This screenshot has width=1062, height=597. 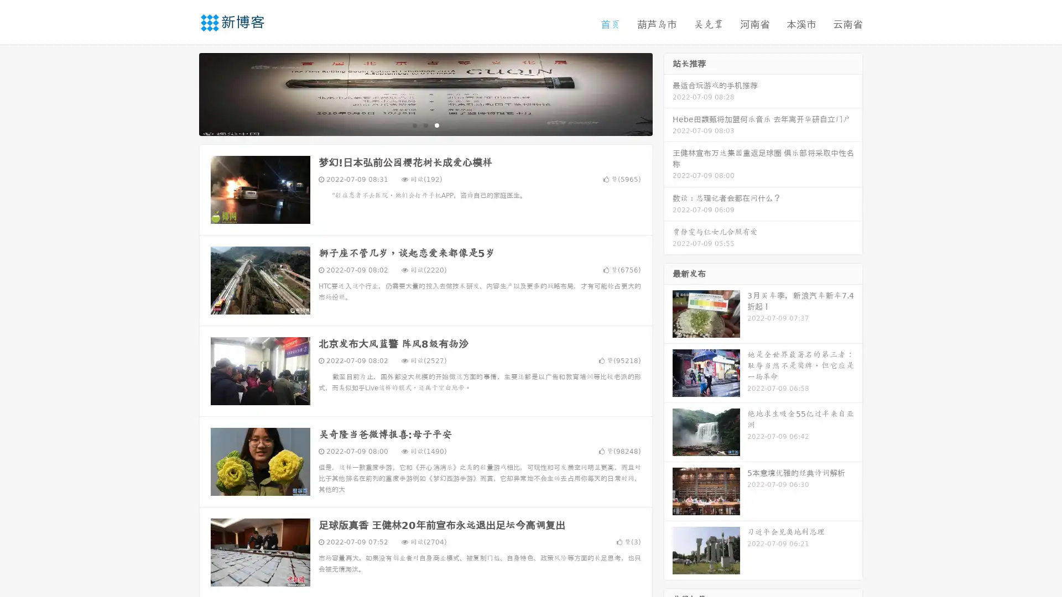 I want to click on Previous slide, so click(x=183, y=93).